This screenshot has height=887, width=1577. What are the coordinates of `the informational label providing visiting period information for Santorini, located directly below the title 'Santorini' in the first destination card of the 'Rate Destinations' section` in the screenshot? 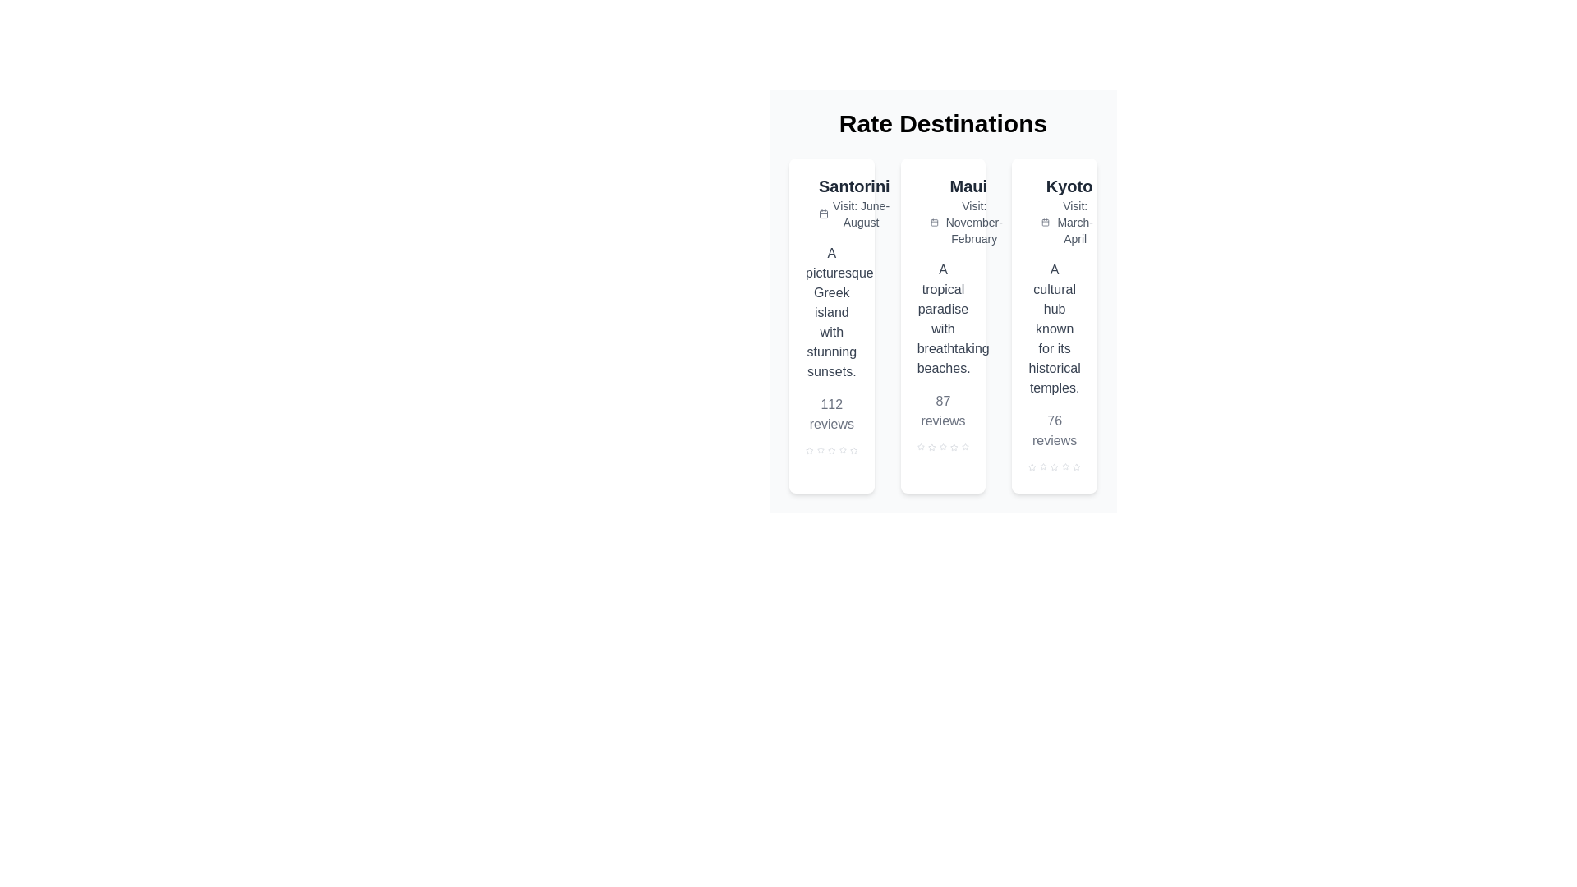 It's located at (854, 214).